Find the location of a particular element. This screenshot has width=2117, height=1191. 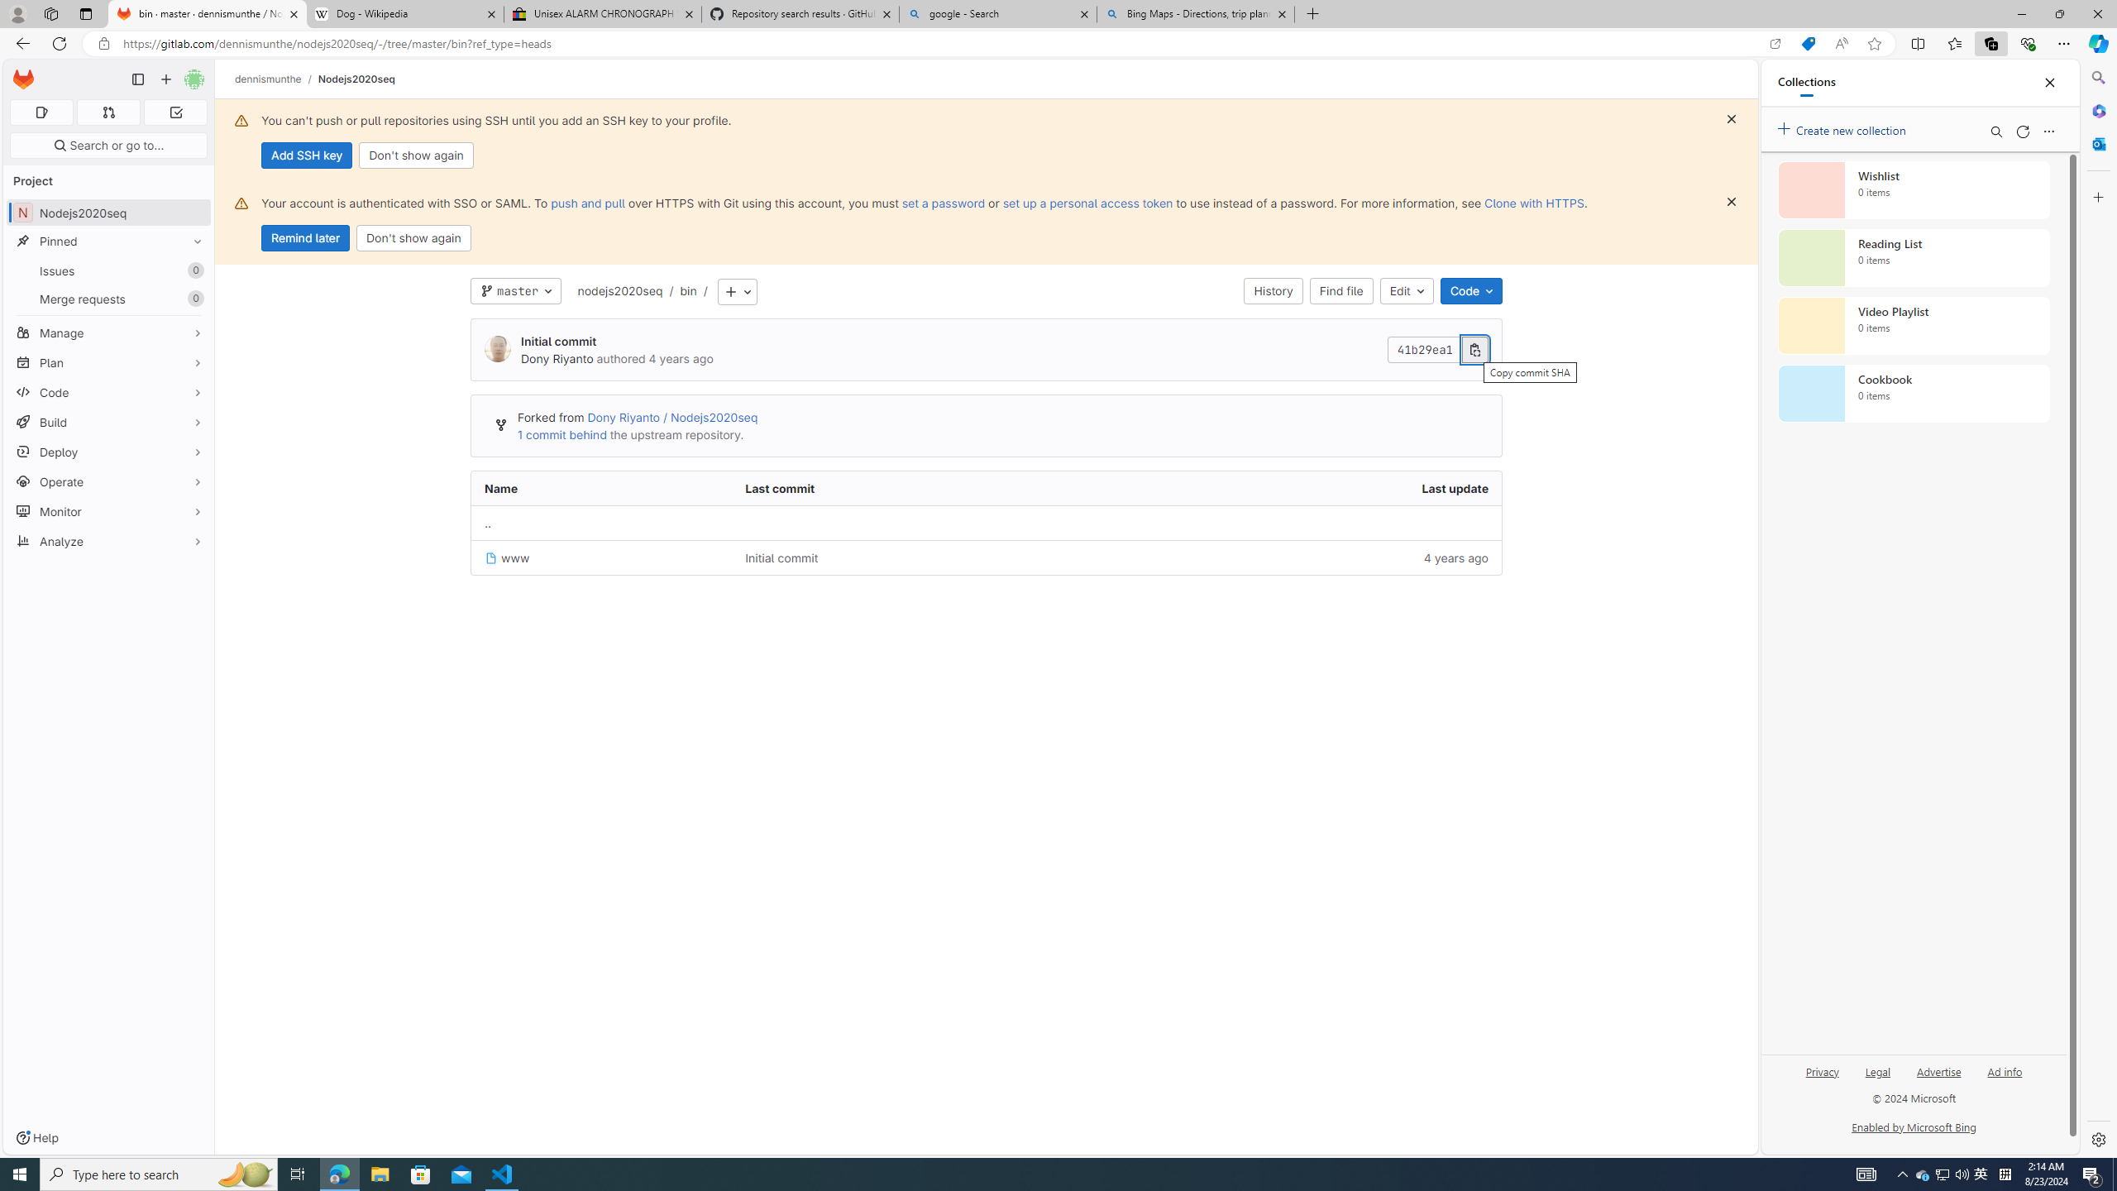

'Wishlist collection, 0 items' is located at coordinates (1914, 189).